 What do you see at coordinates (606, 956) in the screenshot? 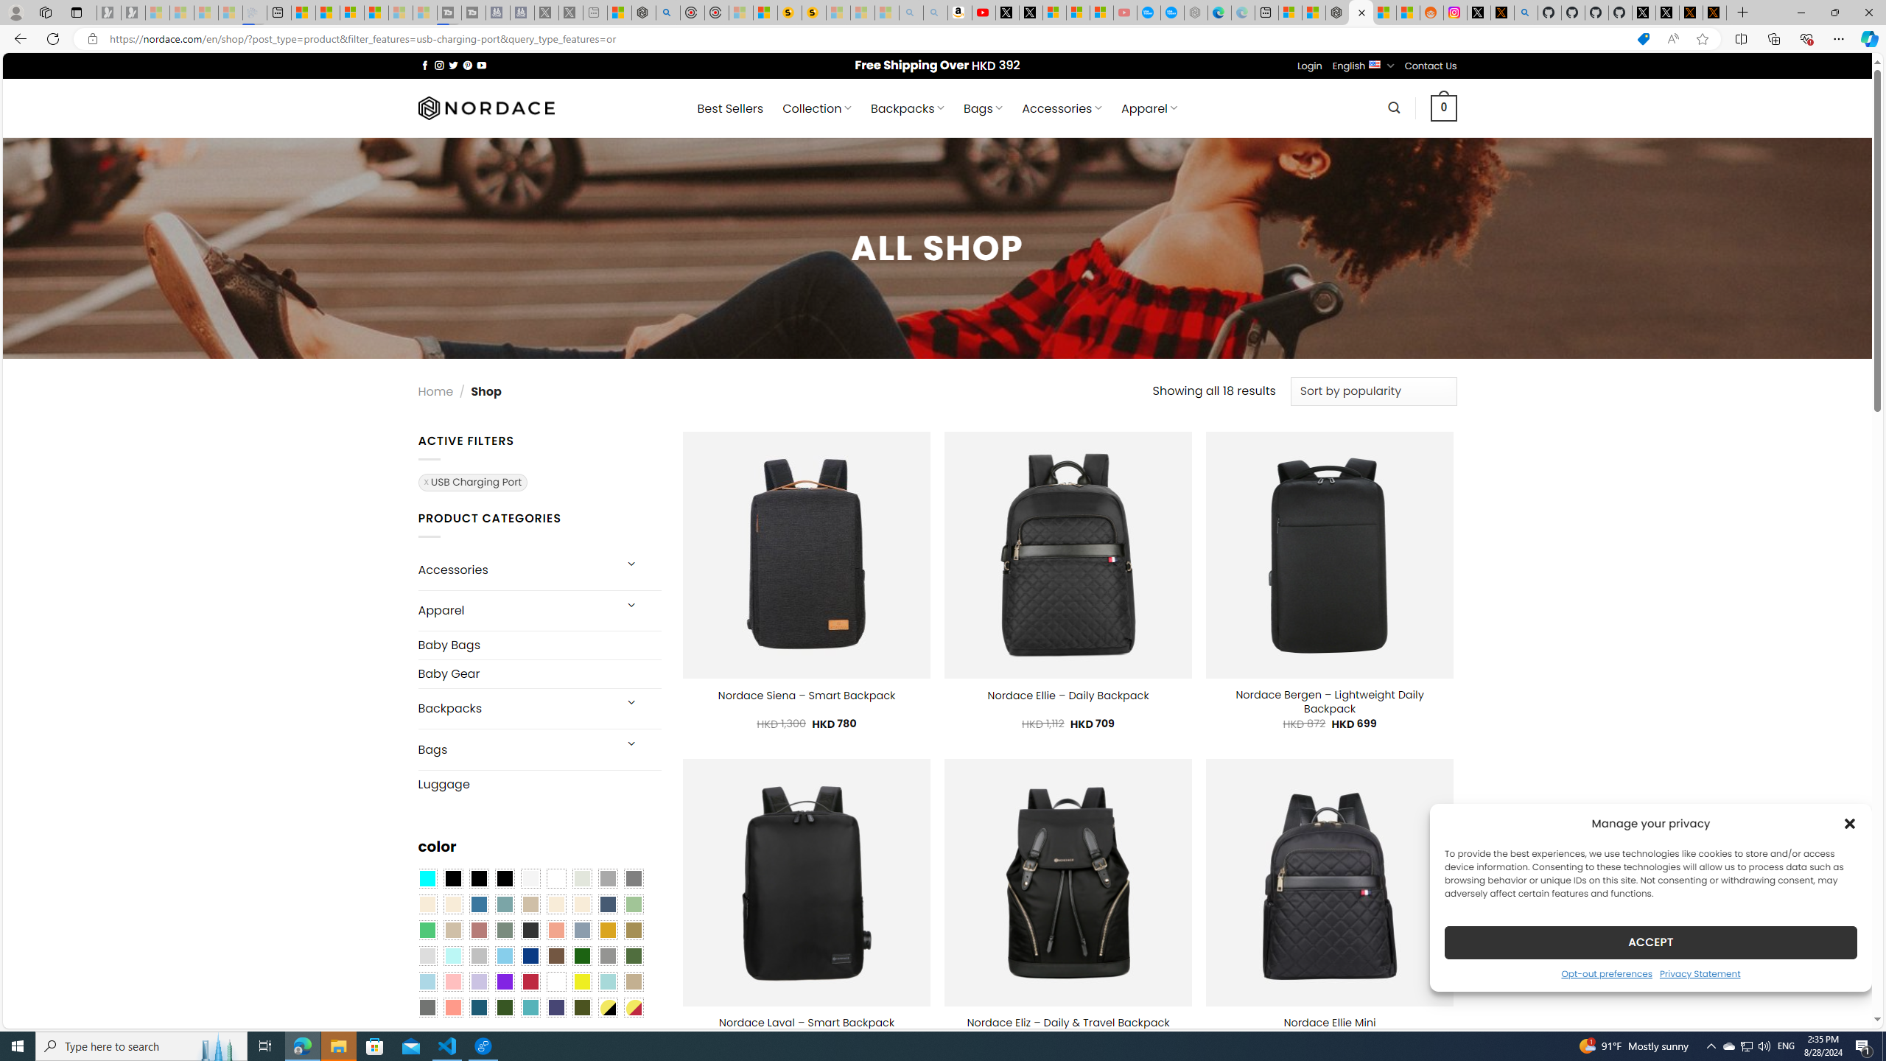
I see `'Gray'` at bounding box center [606, 956].